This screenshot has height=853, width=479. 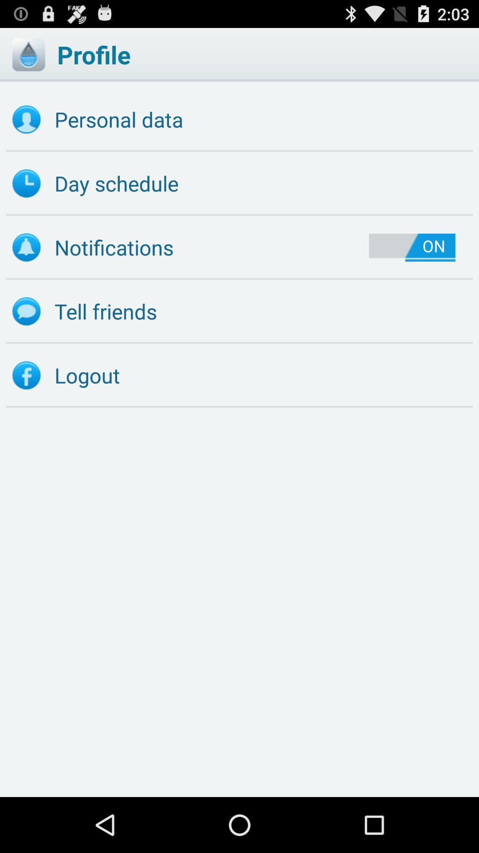 I want to click on the icon to the right of the notifications, so click(x=412, y=247).